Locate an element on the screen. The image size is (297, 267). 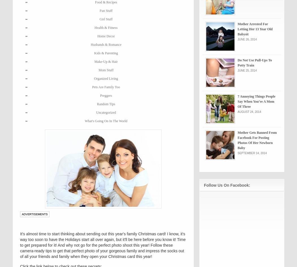
'September 14, 2014' is located at coordinates (252, 153).